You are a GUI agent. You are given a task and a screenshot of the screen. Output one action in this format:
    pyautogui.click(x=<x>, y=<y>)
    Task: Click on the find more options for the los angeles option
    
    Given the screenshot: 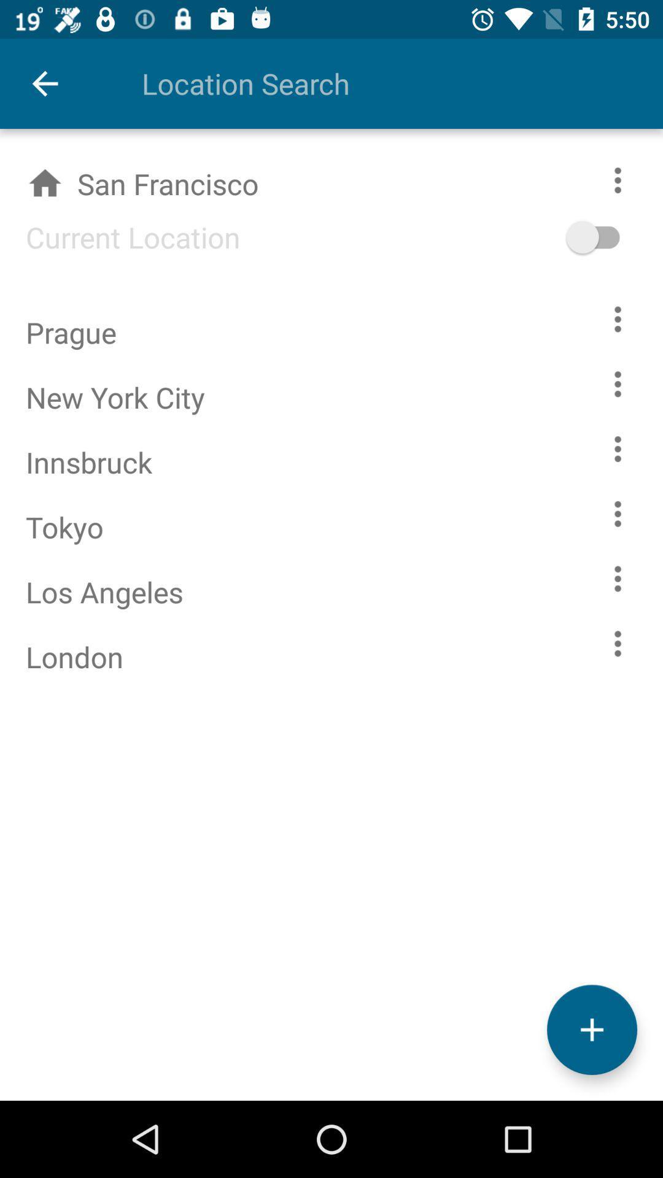 What is the action you would take?
    pyautogui.click(x=618, y=578)
    